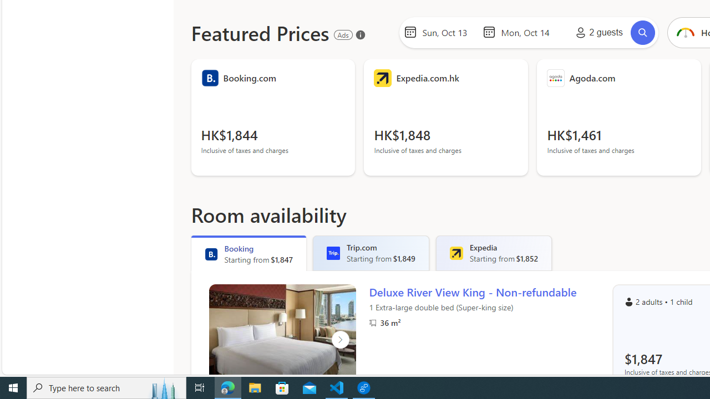 This screenshot has height=399, width=710. Describe the element at coordinates (248, 253) in the screenshot. I see `'Booking Booking Starting from $1,847'` at that location.